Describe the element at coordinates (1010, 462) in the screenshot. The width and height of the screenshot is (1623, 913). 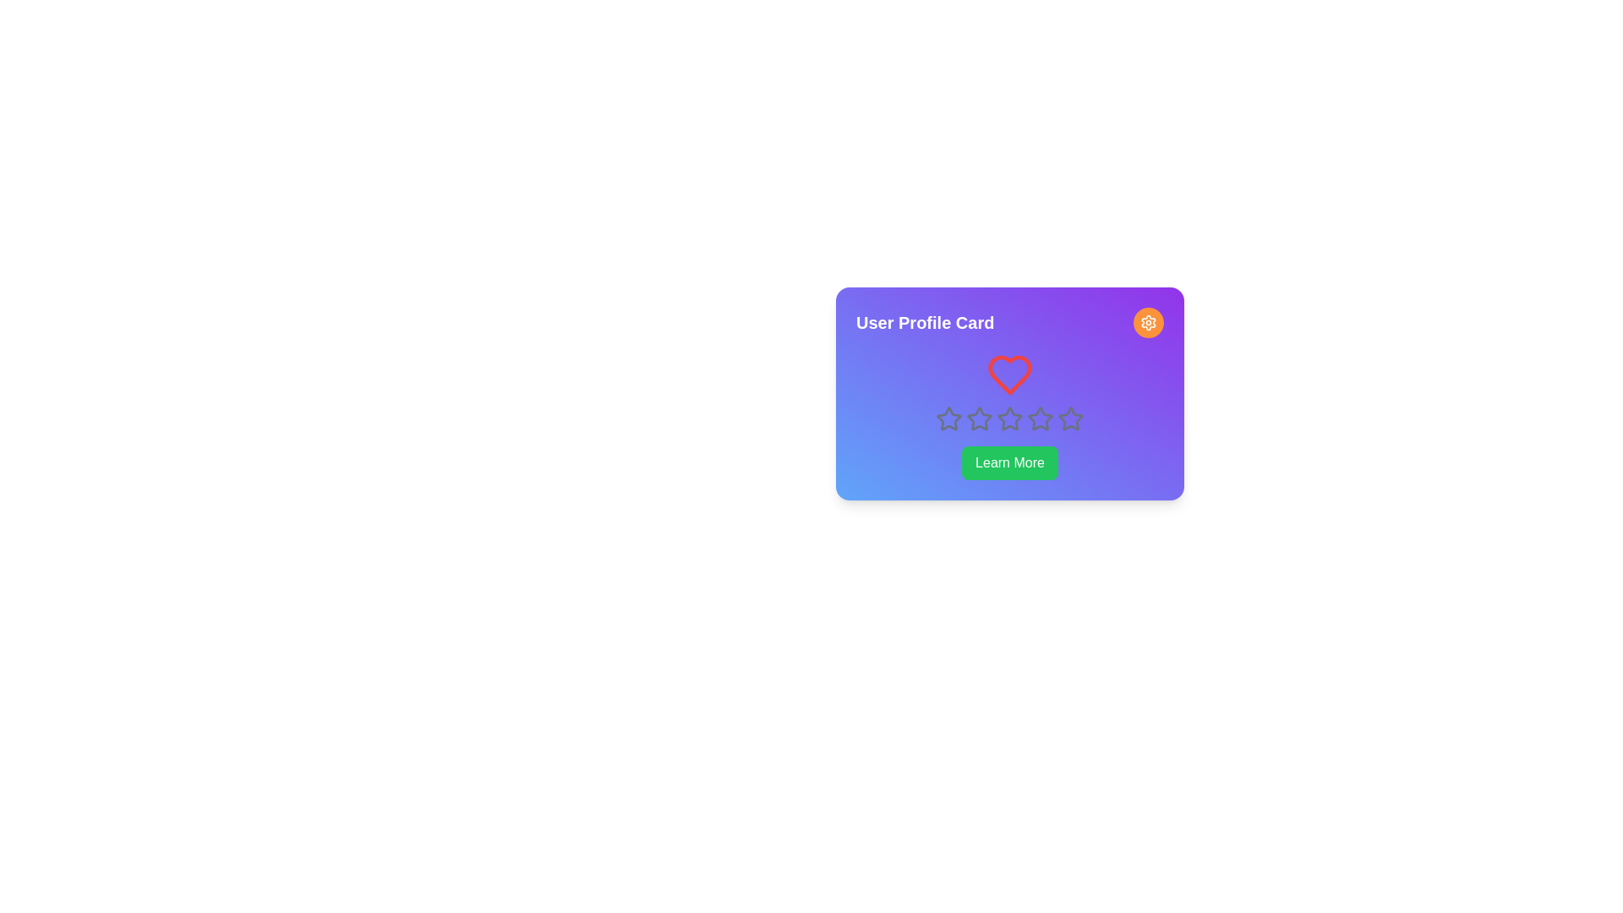
I see `the call-to-action button located at the center-bottom of the User Profile Card, positioned below the five-star rating UI and heart icon` at that location.